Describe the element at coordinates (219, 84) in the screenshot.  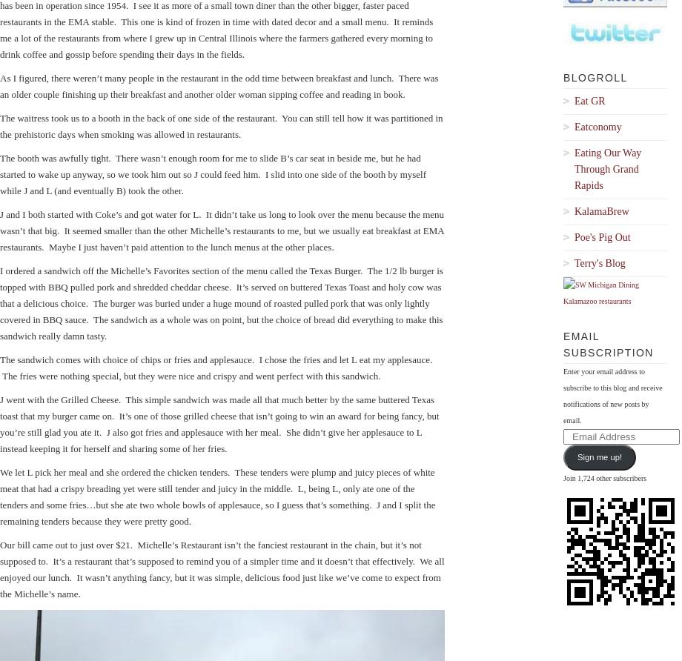
I see `'As I figured, there weren’t many people in the restaurant in the odd time between breakfast and lunch.  There was an older couple finishing up their breakfast and another older woman sipping coffee and reading in book.'` at that location.